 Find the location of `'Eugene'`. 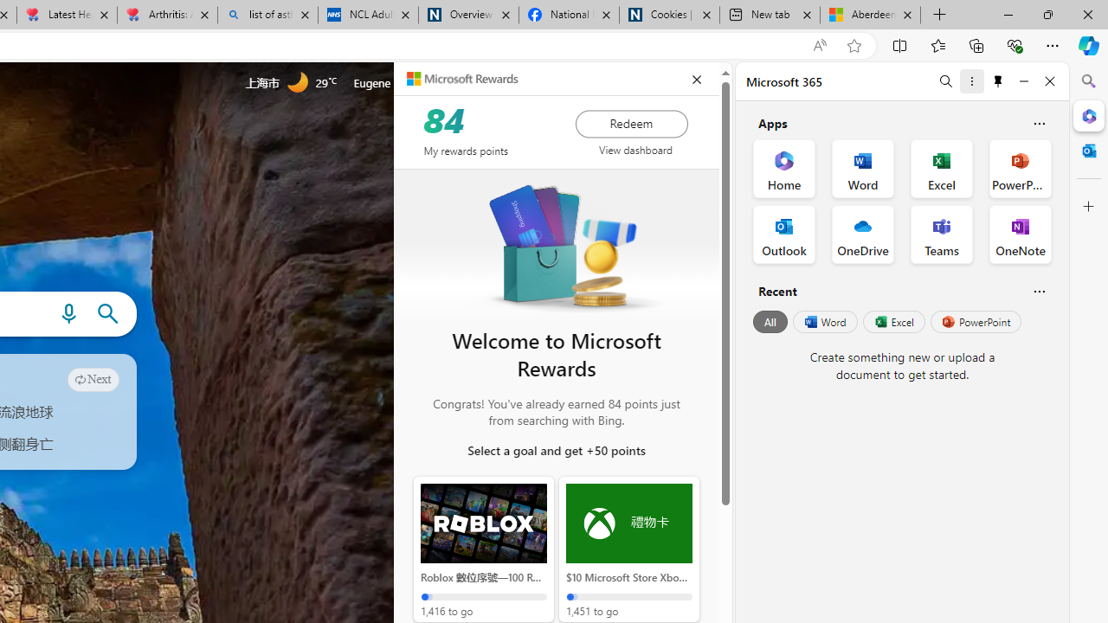

'Eugene' is located at coordinates (395, 82).